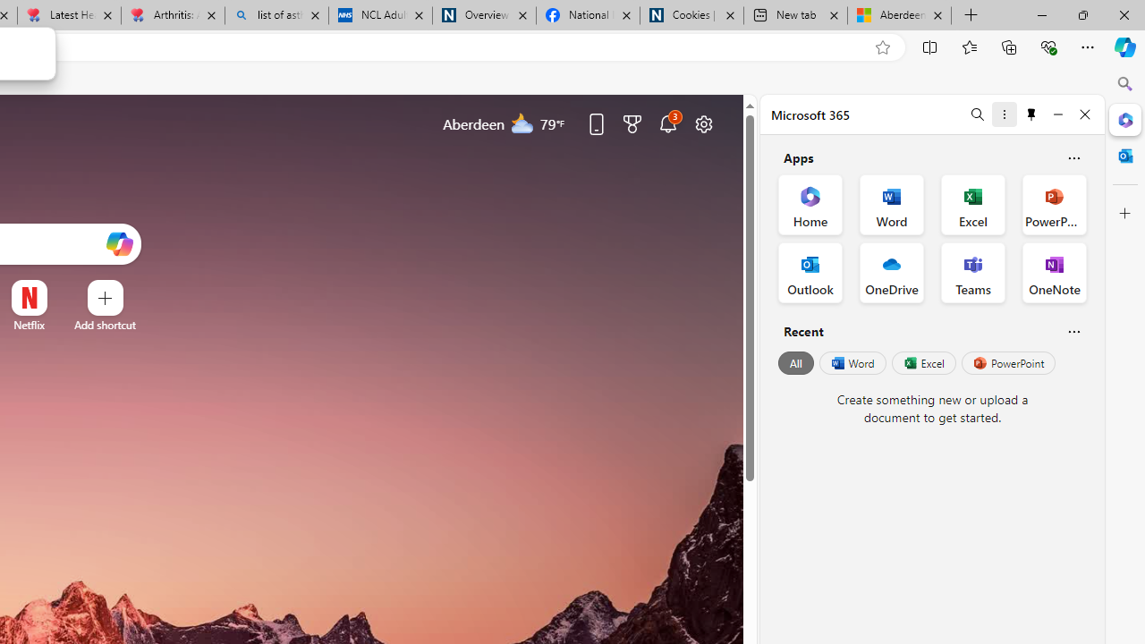 The image size is (1145, 644). I want to click on 'Add a site', so click(104, 325).